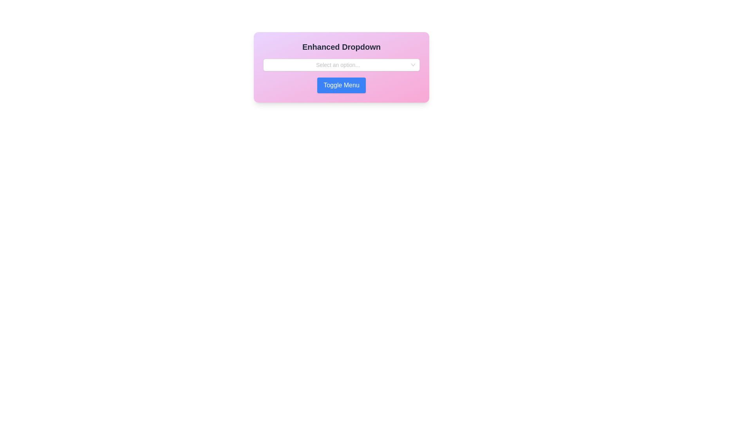  What do you see at coordinates (342, 64) in the screenshot?
I see `the dropdown input component styled with a white background and a placeholder text 'Select an option...' using the Tab key` at bounding box center [342, 64].